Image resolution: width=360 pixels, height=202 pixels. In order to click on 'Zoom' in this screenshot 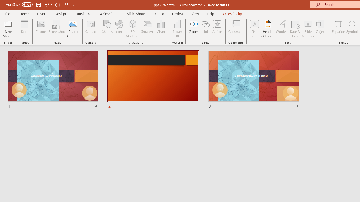, I will do `click(194, 29)`.